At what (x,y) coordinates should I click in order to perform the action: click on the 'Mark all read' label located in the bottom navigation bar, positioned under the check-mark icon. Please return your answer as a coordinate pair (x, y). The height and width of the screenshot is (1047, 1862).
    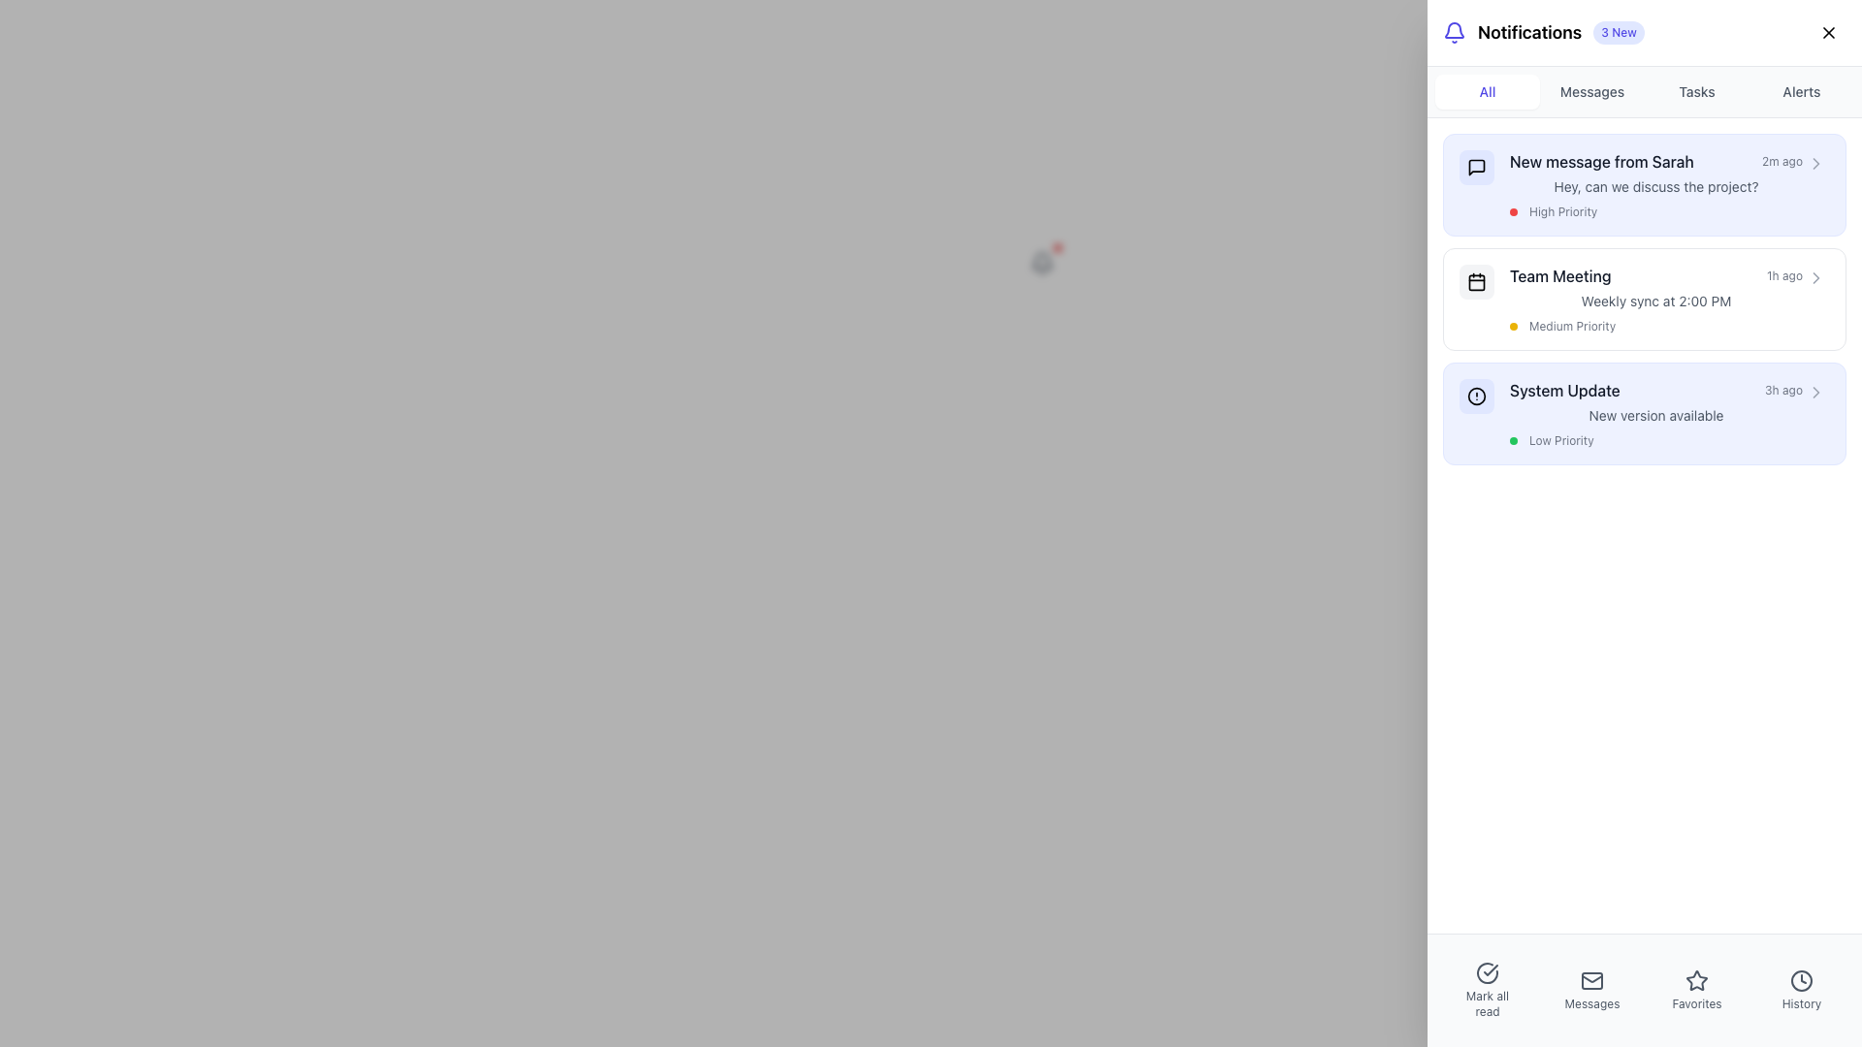
    Looking at the image, I should click on (1487, 1003).